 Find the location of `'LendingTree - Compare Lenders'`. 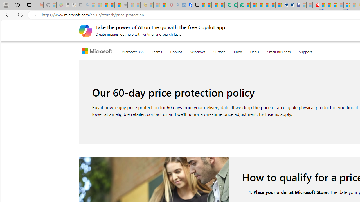

'LendingTree - Compare Lenders' is located at coordinates (228, 5).